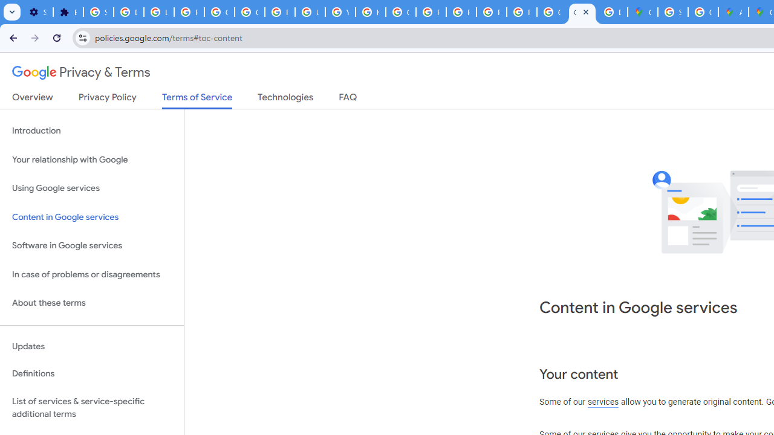 This screenshot has height=435, width=774. I want to click on 'Content in Google services', so click(91, 216).